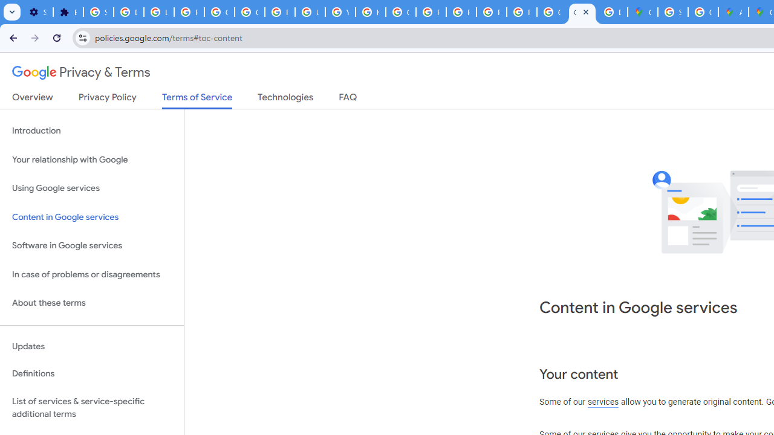 This screenshot has height=435, width=774. I want to click on 'Content in Google services', so click(91, 216).